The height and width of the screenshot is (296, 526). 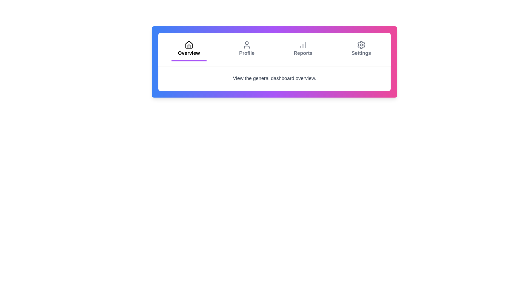 I want to click on the 'Reports' icon located in the navigation bar, so click(x=303, y=45).